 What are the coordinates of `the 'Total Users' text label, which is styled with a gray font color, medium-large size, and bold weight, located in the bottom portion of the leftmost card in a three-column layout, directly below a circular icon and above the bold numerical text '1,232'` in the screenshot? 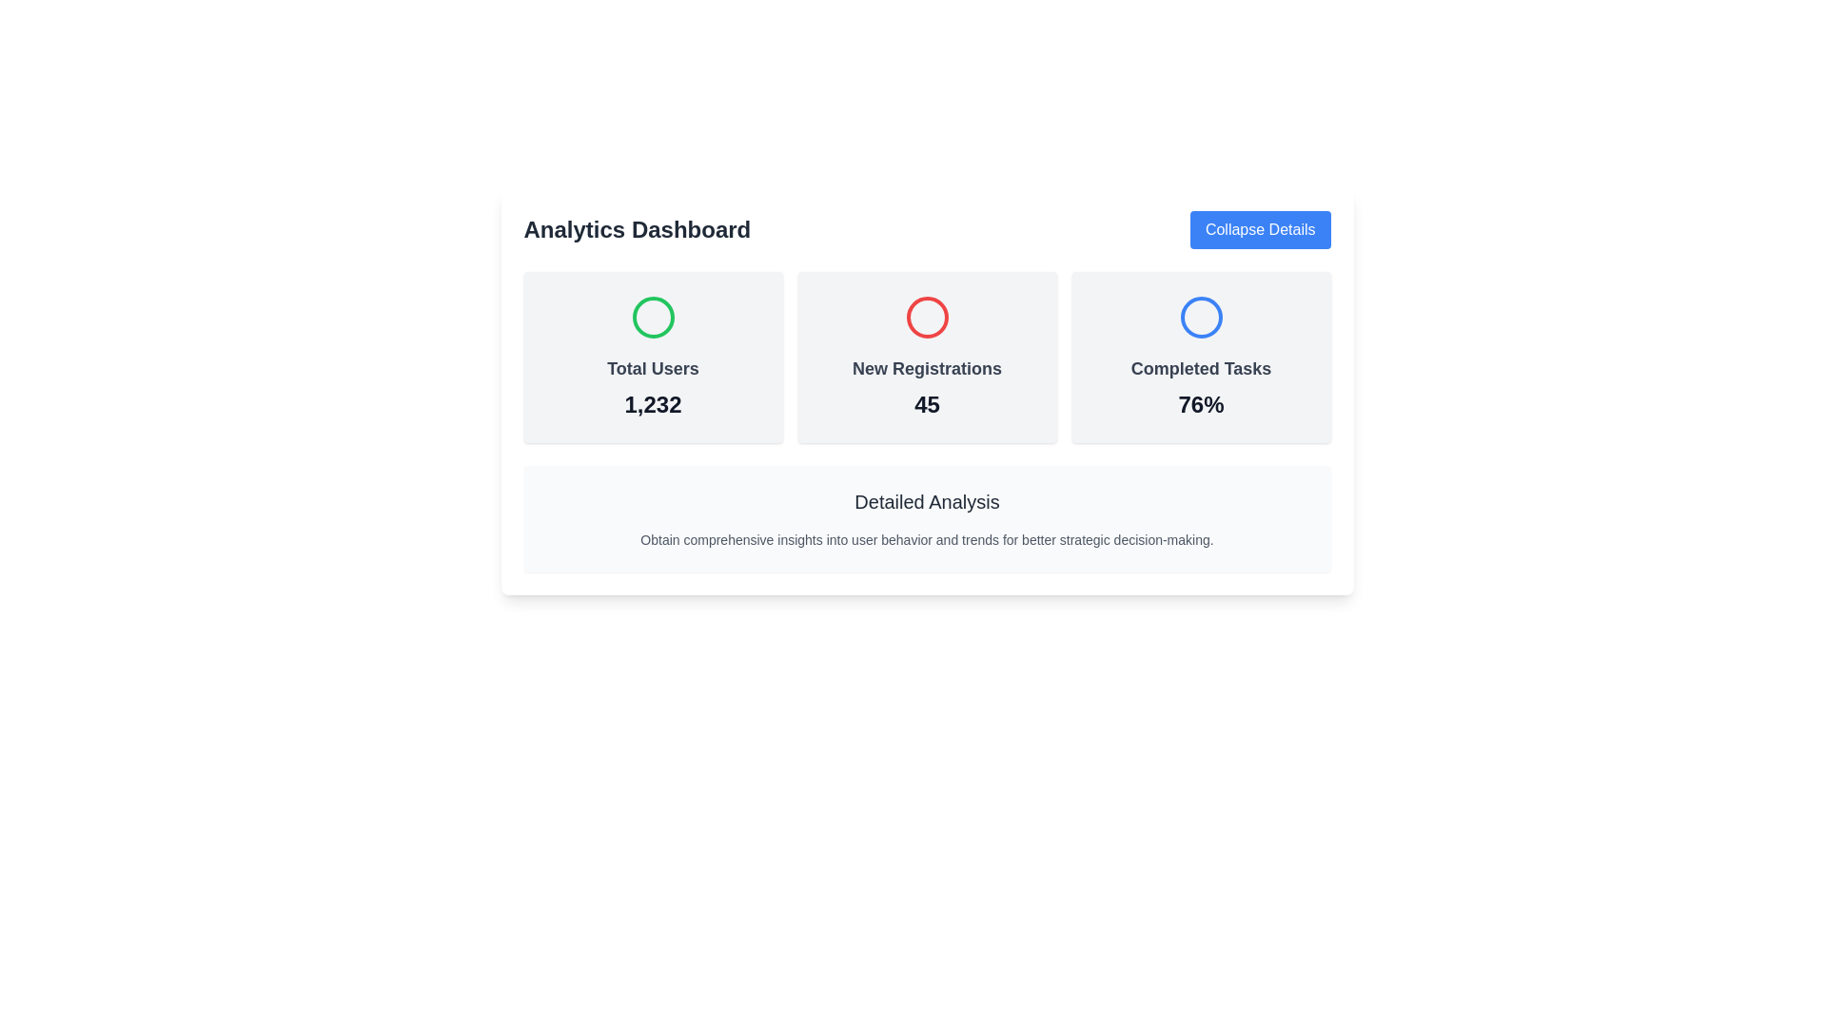 It's located at (653, 369).